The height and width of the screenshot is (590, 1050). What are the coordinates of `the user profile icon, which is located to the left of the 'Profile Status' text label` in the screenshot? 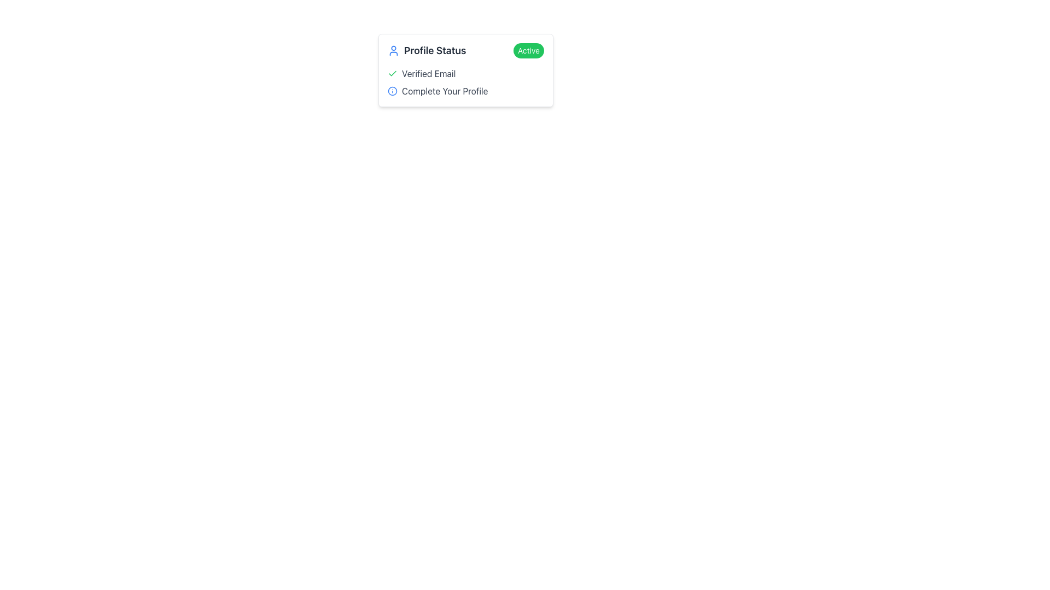 It's located at (394, 50).